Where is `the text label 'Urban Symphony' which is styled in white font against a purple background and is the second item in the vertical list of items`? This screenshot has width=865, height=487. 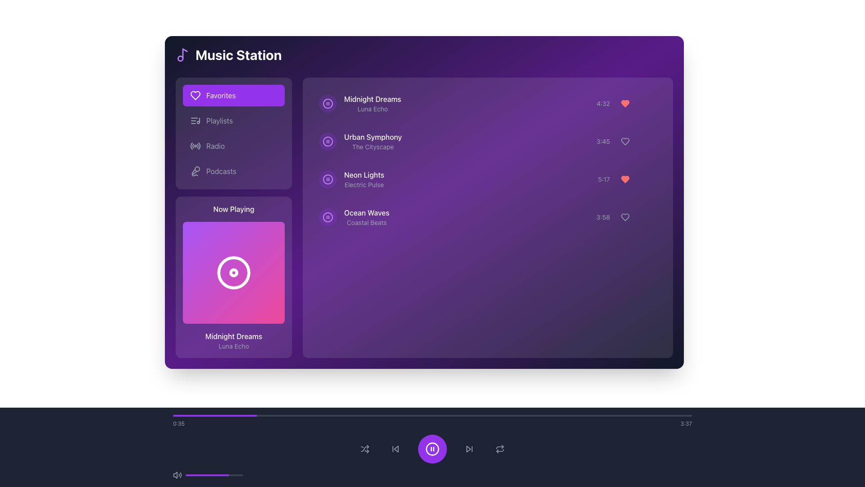
the text label 'Urban Symphony' which is styled in white font against a purple background and is the second item in the vertical list of items is located at coordinates (373, 137).